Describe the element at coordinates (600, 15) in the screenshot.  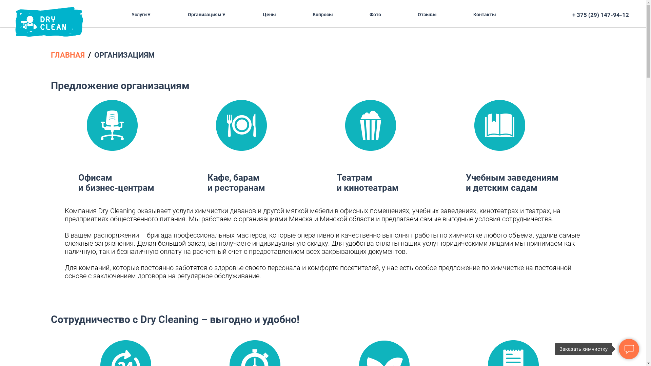
I see `'+ 375 (29) 147-94-12'` at that location.